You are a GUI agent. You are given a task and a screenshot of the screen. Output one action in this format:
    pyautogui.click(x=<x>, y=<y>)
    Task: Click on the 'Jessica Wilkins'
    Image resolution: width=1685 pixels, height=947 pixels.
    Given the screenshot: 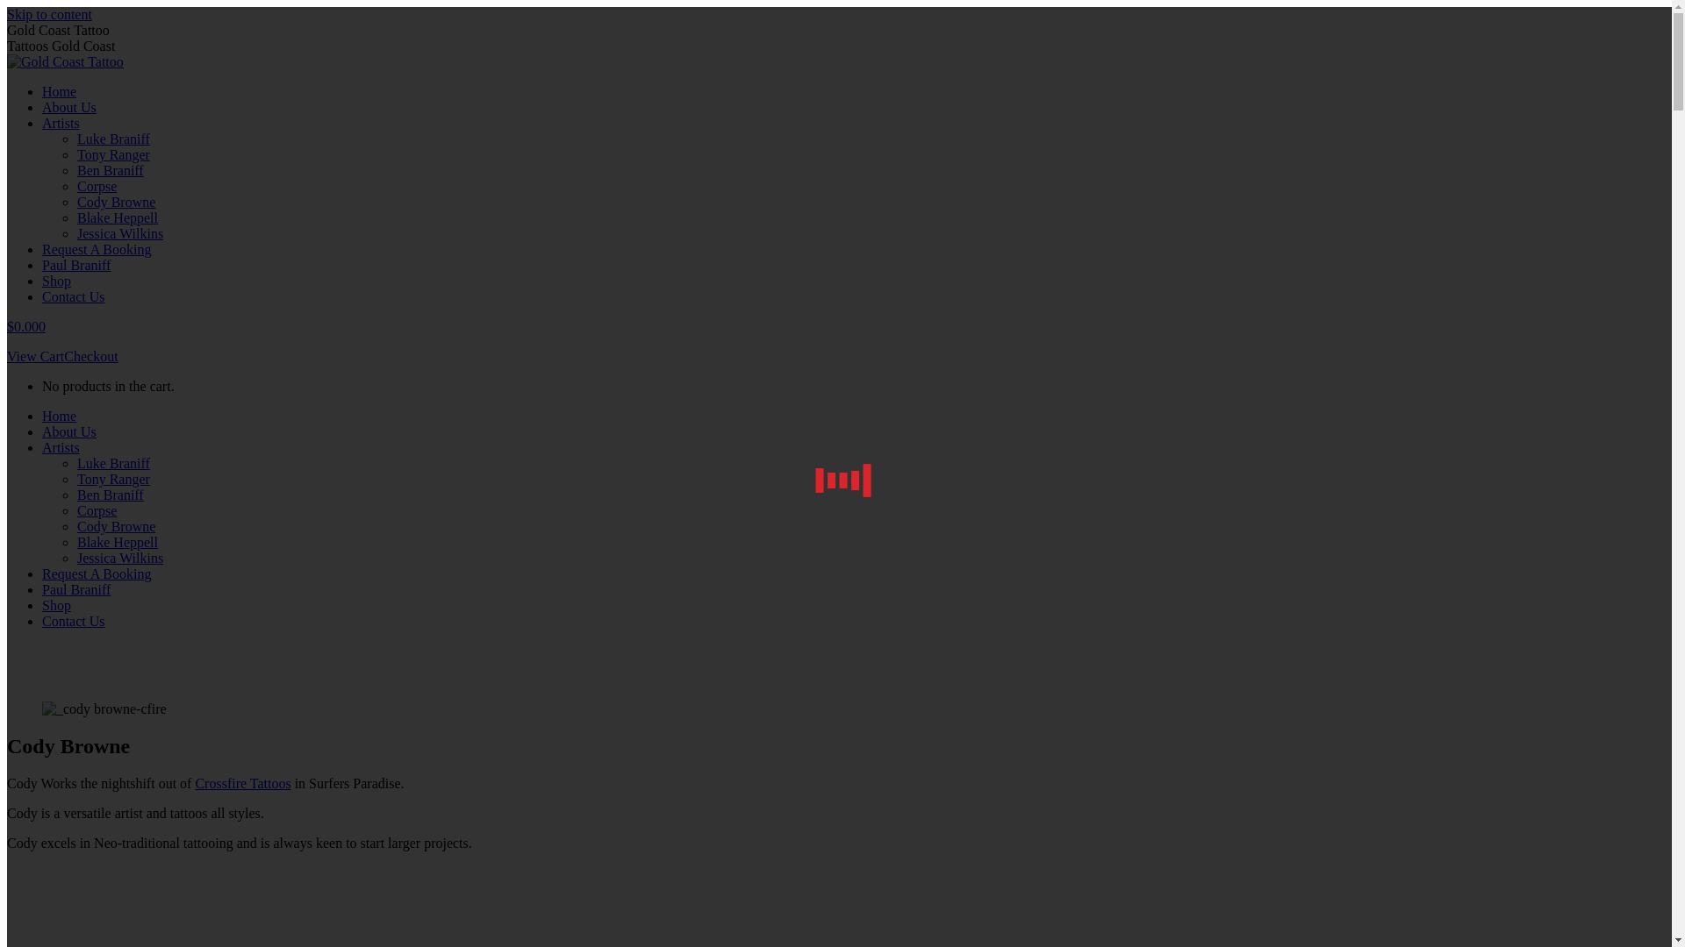 What is the action you would take?
    pyautogui.click(x=119, y=558)
    